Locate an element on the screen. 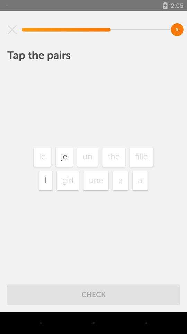 This screenshot has width=187, height=334. item next to the le is located at coordinates (64, 157).